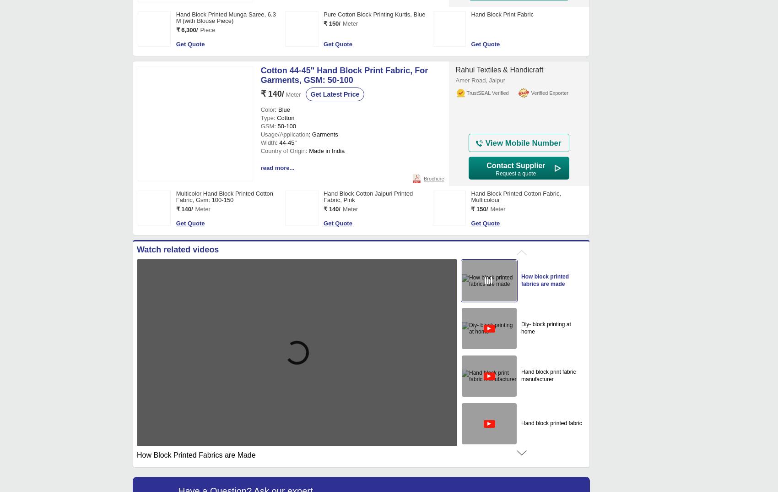 Image resolution: width=778 pixels, height=492 pixels. I want to click on '₹ 6,300/', so click(186, 30).